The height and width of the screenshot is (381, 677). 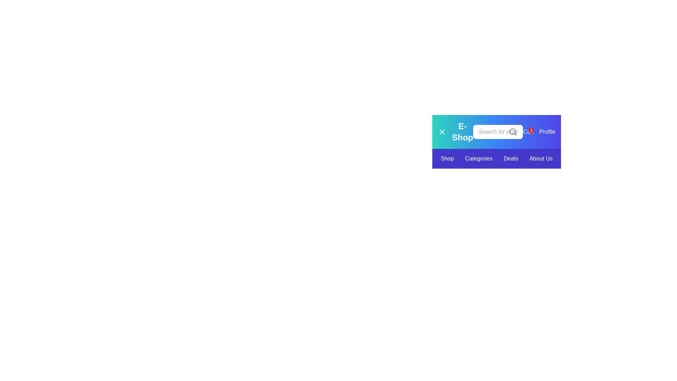 I want to click on the 'Deals' text link, which is styled with a white font against a blue background in the horizontal navigation menu, so click(x=511, y=159).